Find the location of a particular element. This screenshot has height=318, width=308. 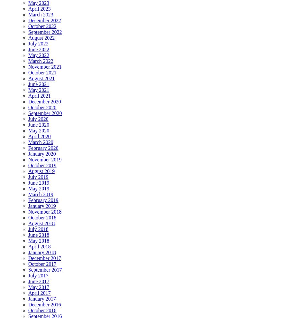

'October 2021' is located at coordinates (42, 72).